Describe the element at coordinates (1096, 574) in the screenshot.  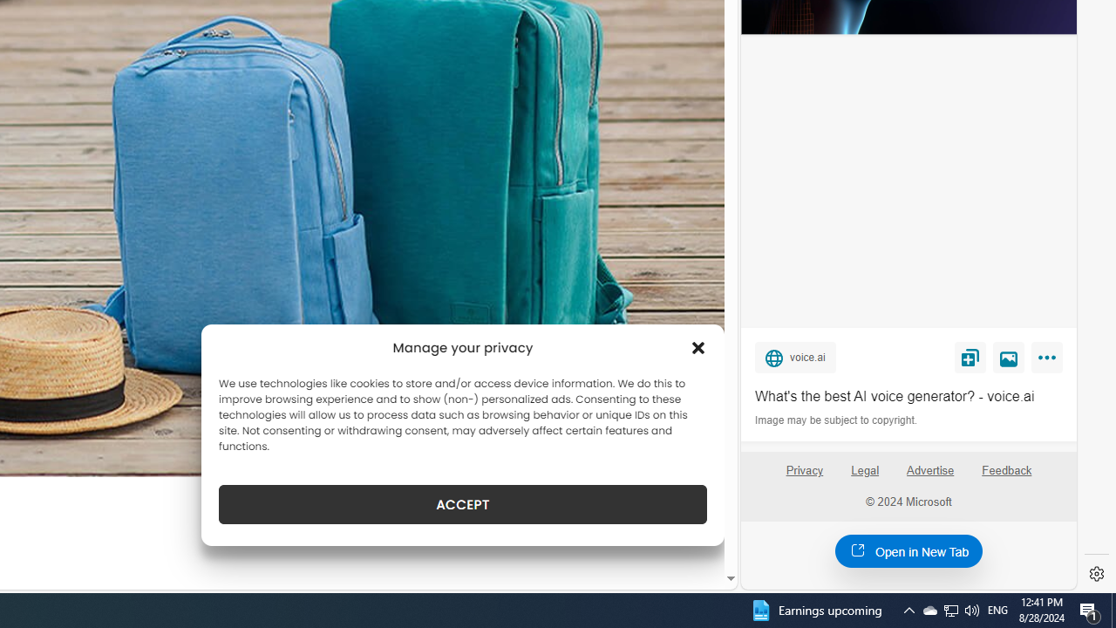
I see `'Settings'` at that location.